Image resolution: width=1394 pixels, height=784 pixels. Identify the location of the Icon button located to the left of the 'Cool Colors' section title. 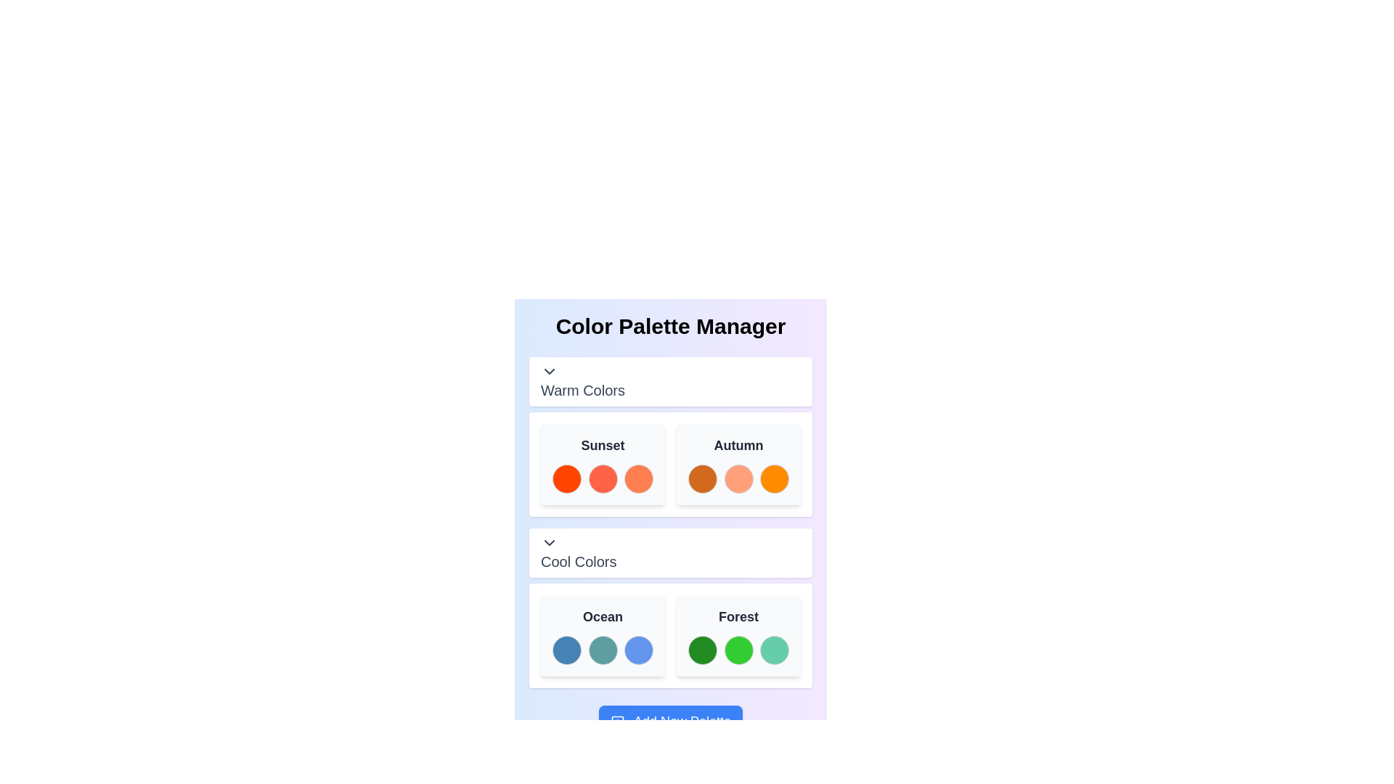
(549, 543).